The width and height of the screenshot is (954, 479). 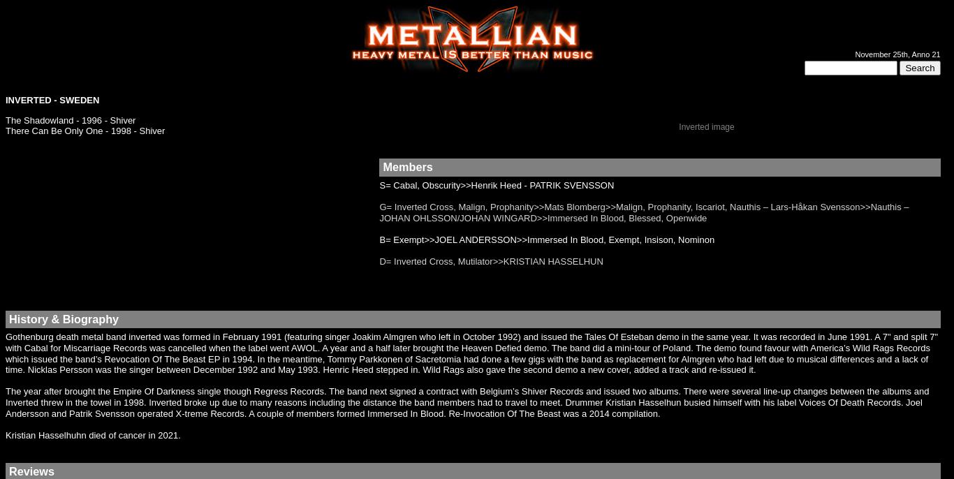 What do you see at coordinates (28, 100) in the screenshot?
I see `'INVERTED'` at bounding box center [28, 100].